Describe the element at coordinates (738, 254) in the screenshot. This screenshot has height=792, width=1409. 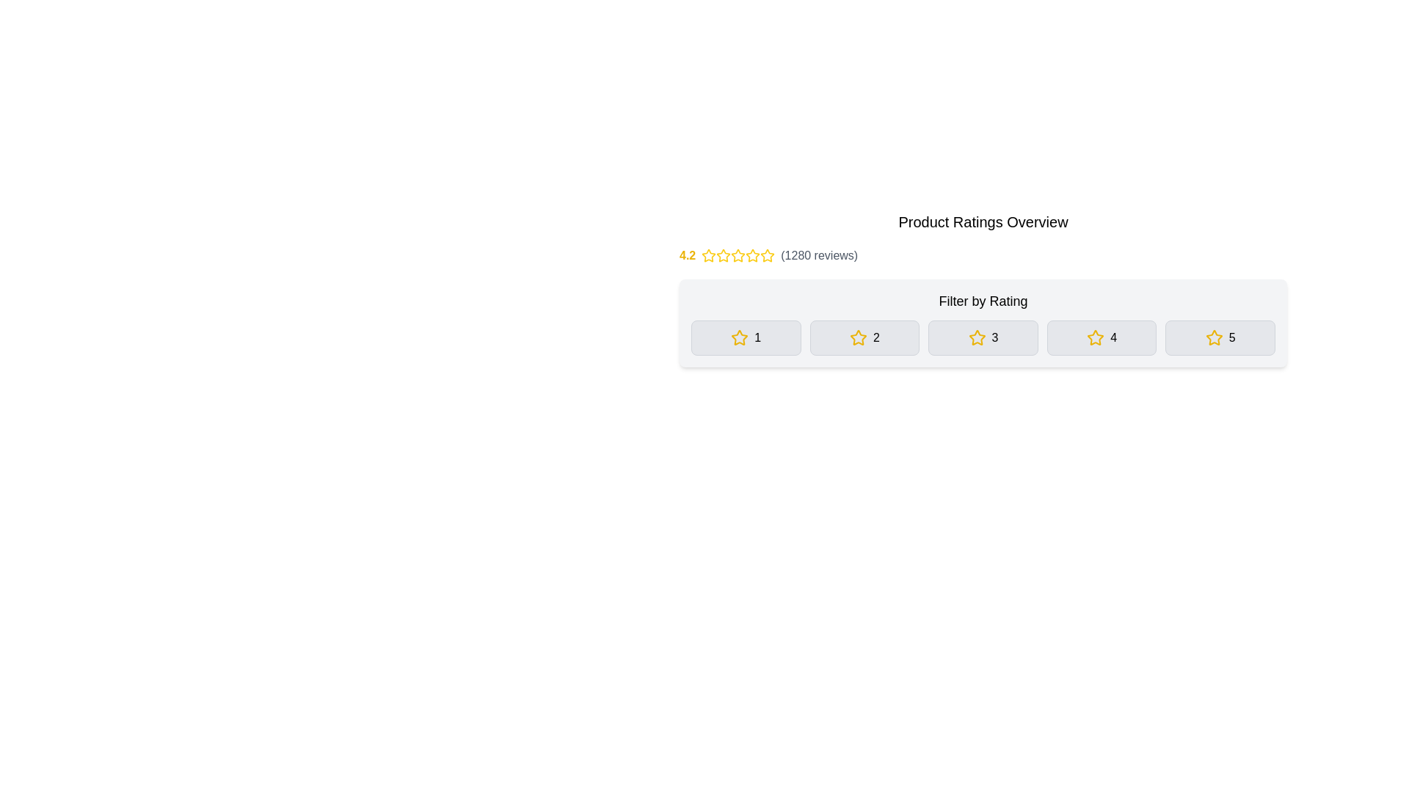
I see `the third star icon in the rating display, which is styled in yellow and part of a sequence of five stars, located within the section that shows a rating of '4.2' and '(1280 reviews)'` at that location.